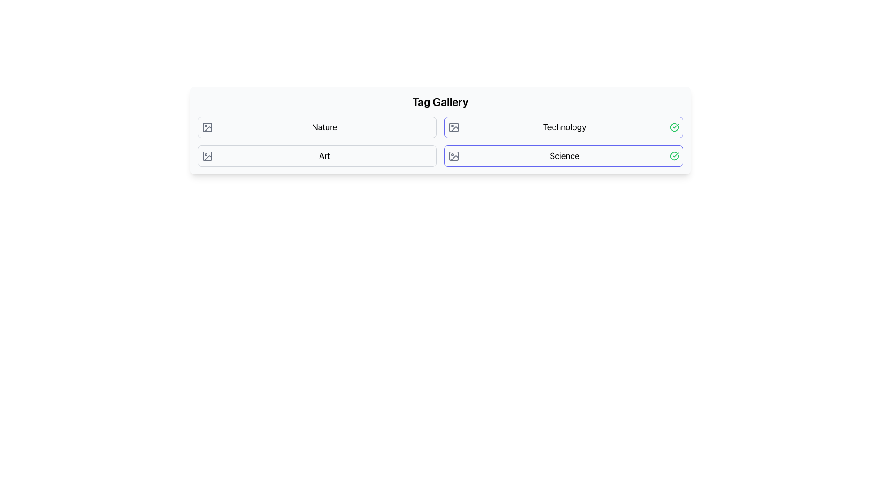  I want to click on the rectangular icon with rounded corners that represents an image placeholder, located within the 'Technology' button, which is above 'Science' and to the right of 'Nature', so click(453, 127).